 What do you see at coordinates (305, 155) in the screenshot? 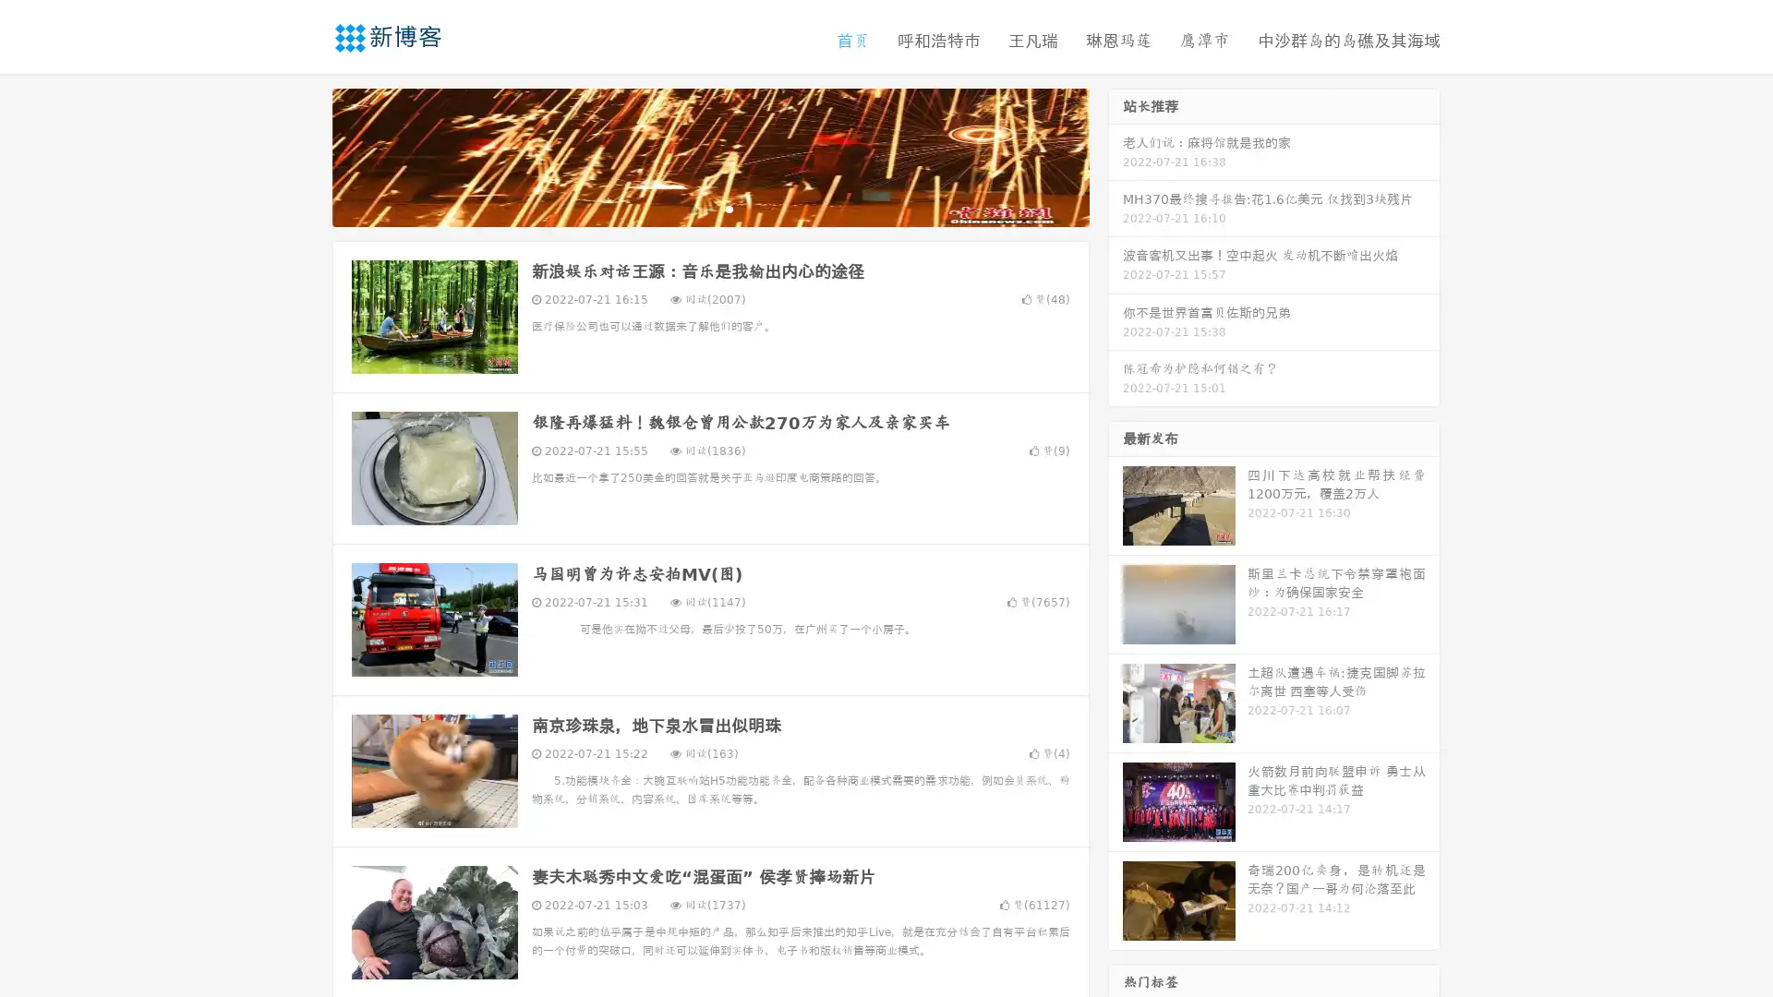
I see `Previous slide` at bounding box center [305, 155].